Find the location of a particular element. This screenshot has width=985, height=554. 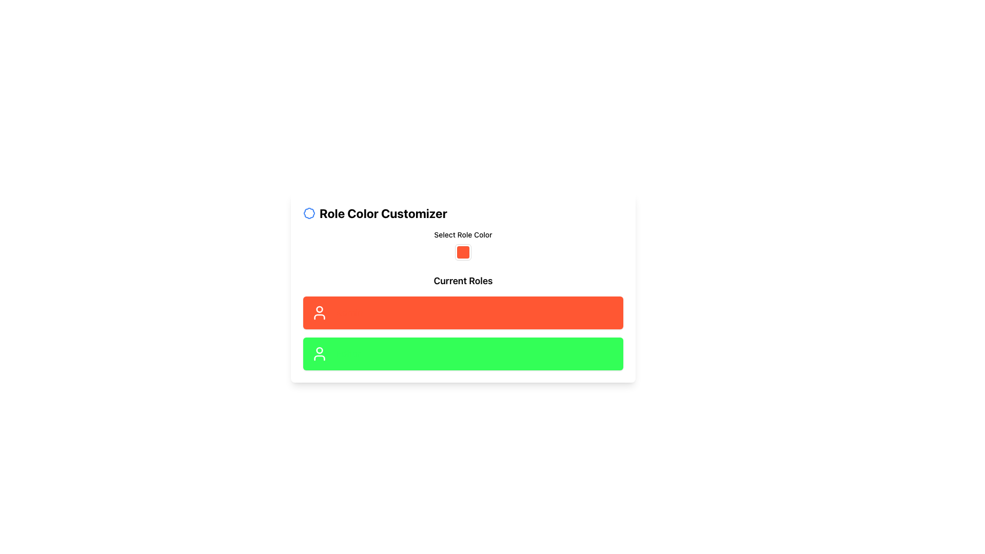

the SVG icon element representing the 'Editor' role, located in the green rectangular section of the interface is located at coordinates (319, 353).